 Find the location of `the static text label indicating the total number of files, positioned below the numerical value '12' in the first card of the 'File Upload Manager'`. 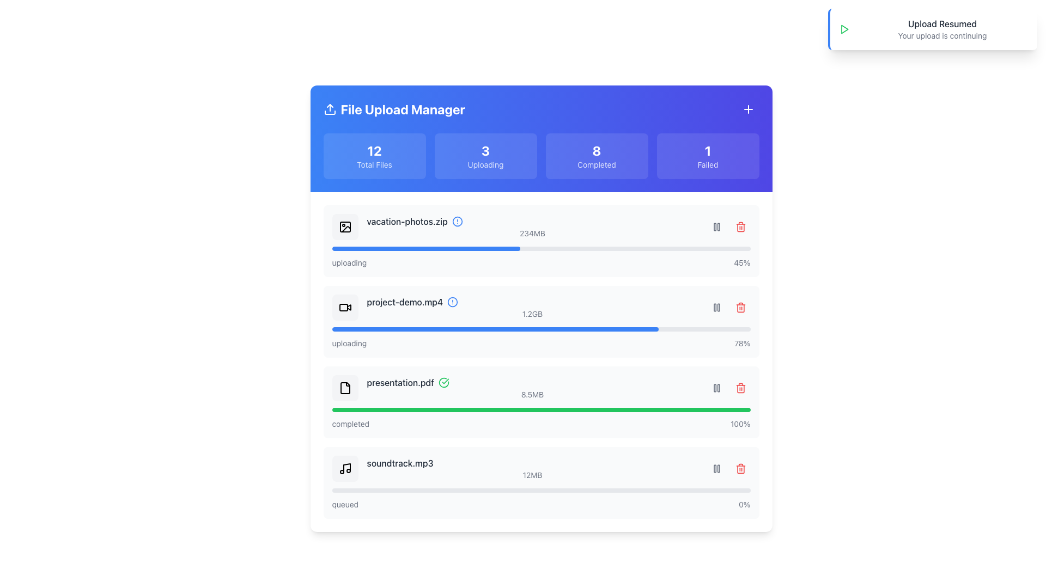

the static text label indicating the total number of files, positioned below the numerical value '12' in the first card of the 'File Upload Manager' is located at coordinates (374, 165).